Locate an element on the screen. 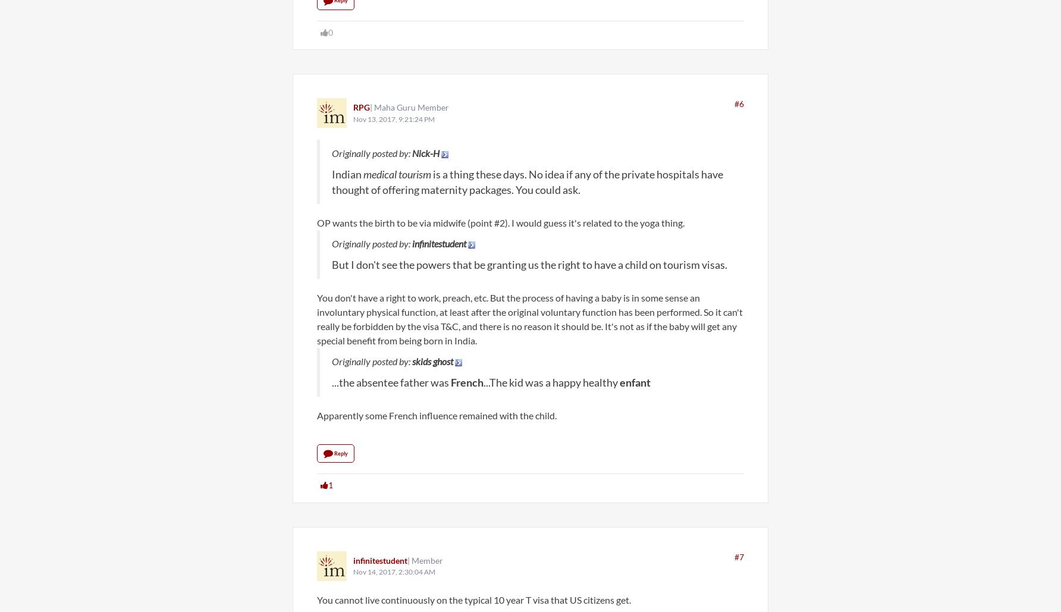  '| Maha Guru Member' is located at coordinates (409, 107).